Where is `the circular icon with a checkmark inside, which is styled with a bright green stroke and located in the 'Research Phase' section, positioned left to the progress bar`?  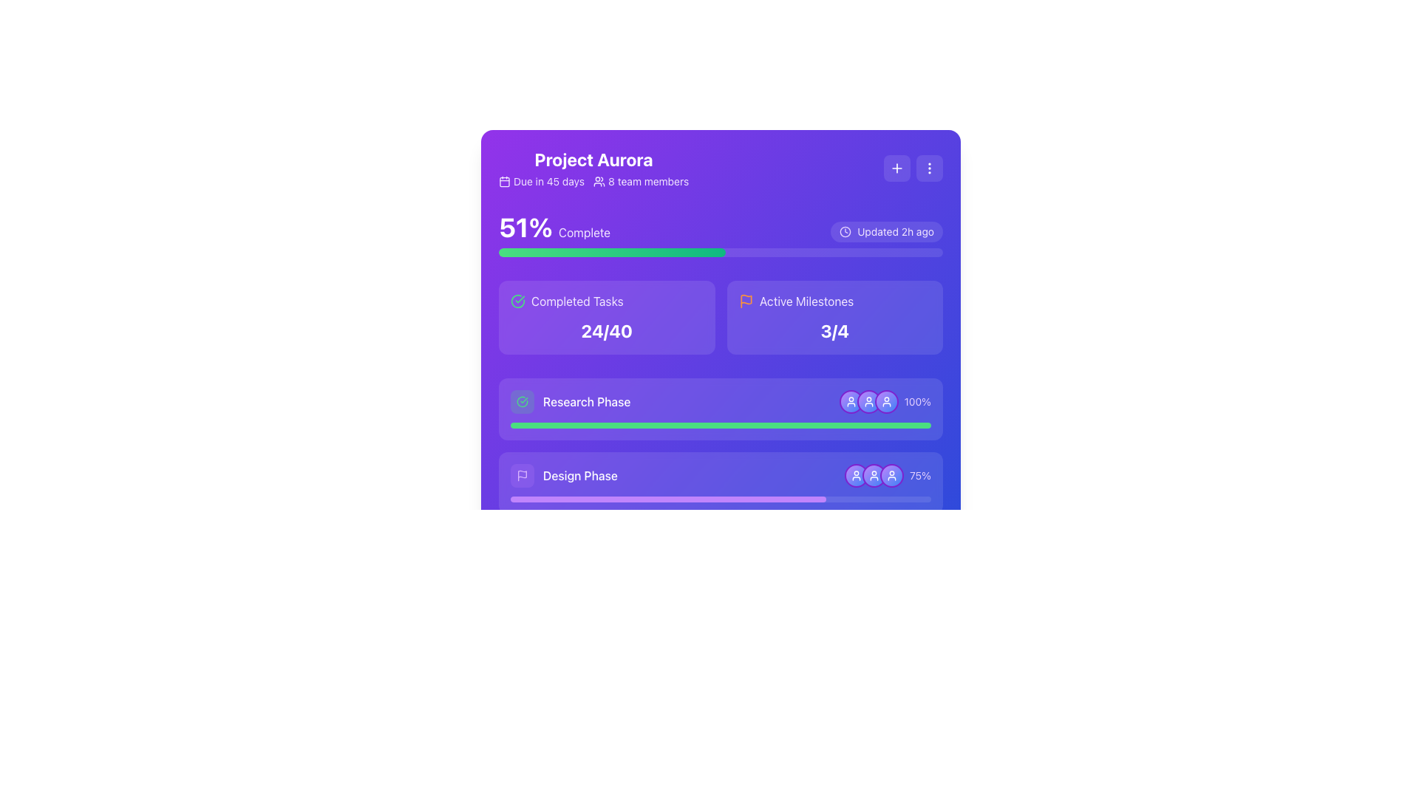
the circular icon with a checkmark inside, which is styled with a bright green stroke and located in the 'Research Phase' section, positioned left to the progress bar is located at coordinates (522, 401).